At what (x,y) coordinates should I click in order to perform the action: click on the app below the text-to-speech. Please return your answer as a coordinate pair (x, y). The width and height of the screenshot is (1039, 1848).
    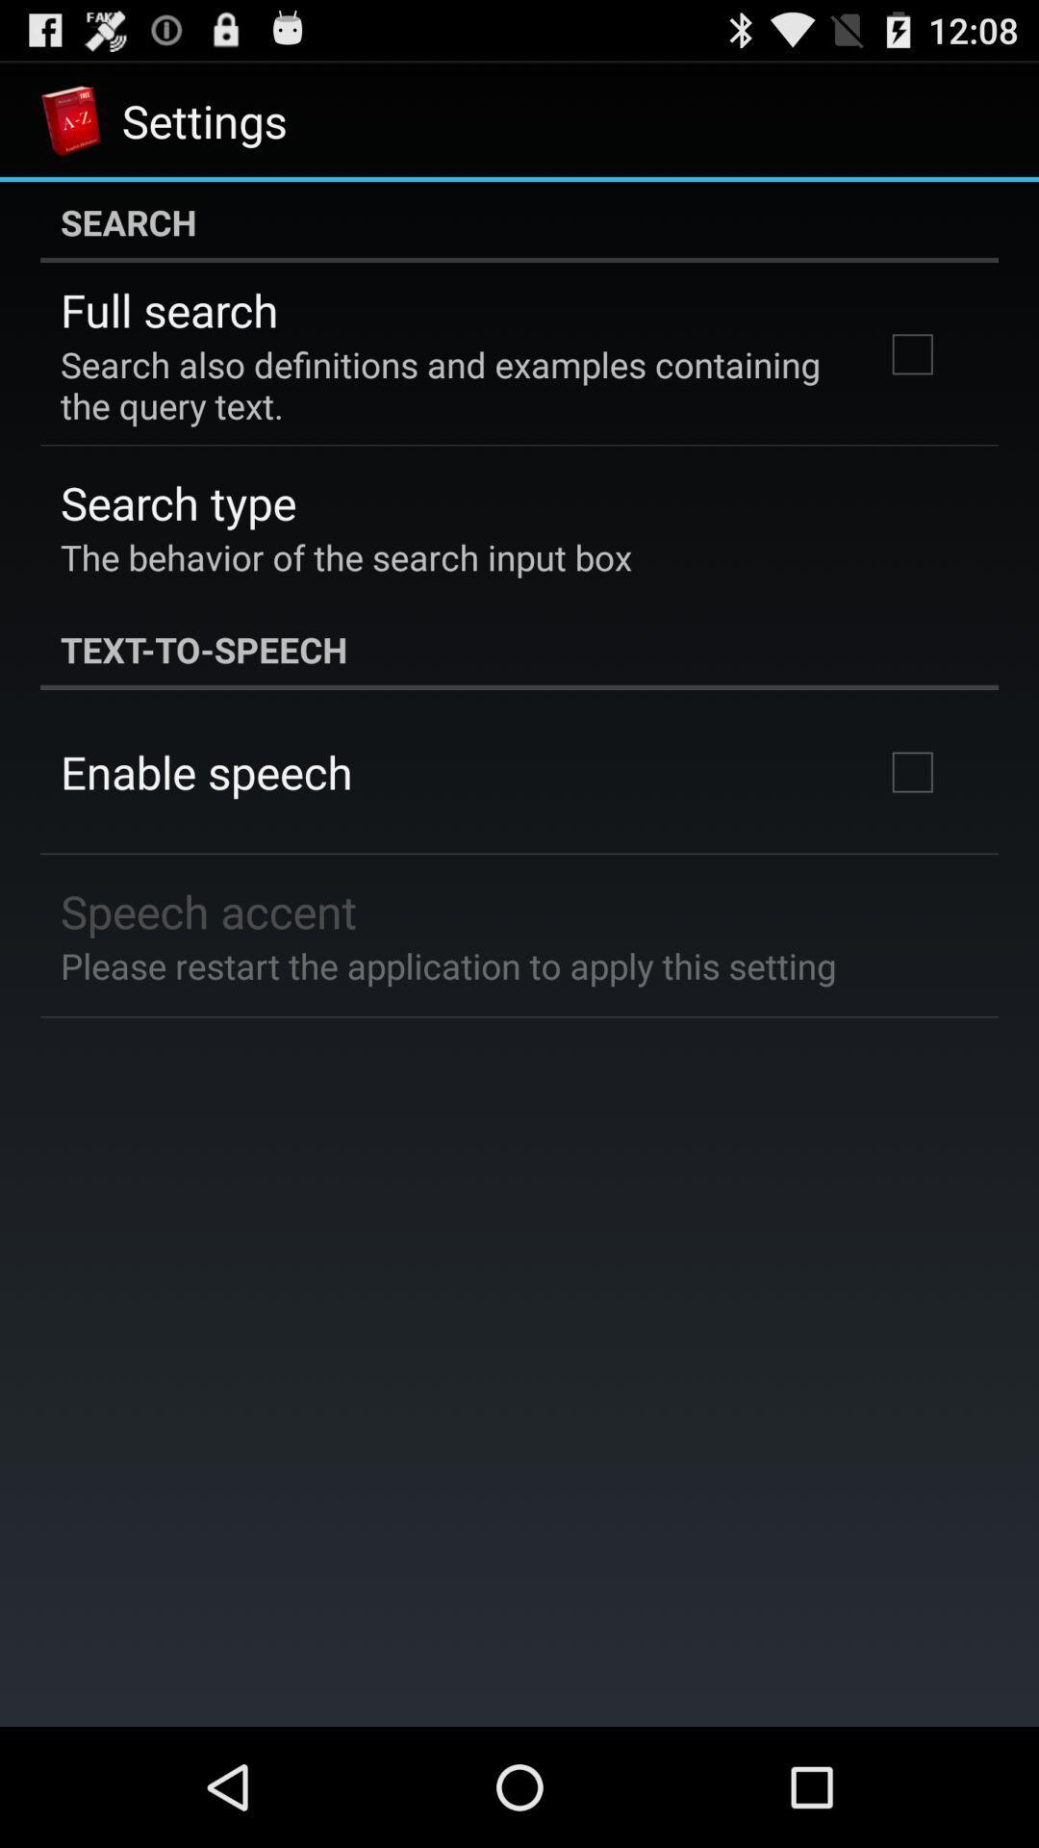
    Looking at the image, I should click on (206, 772).